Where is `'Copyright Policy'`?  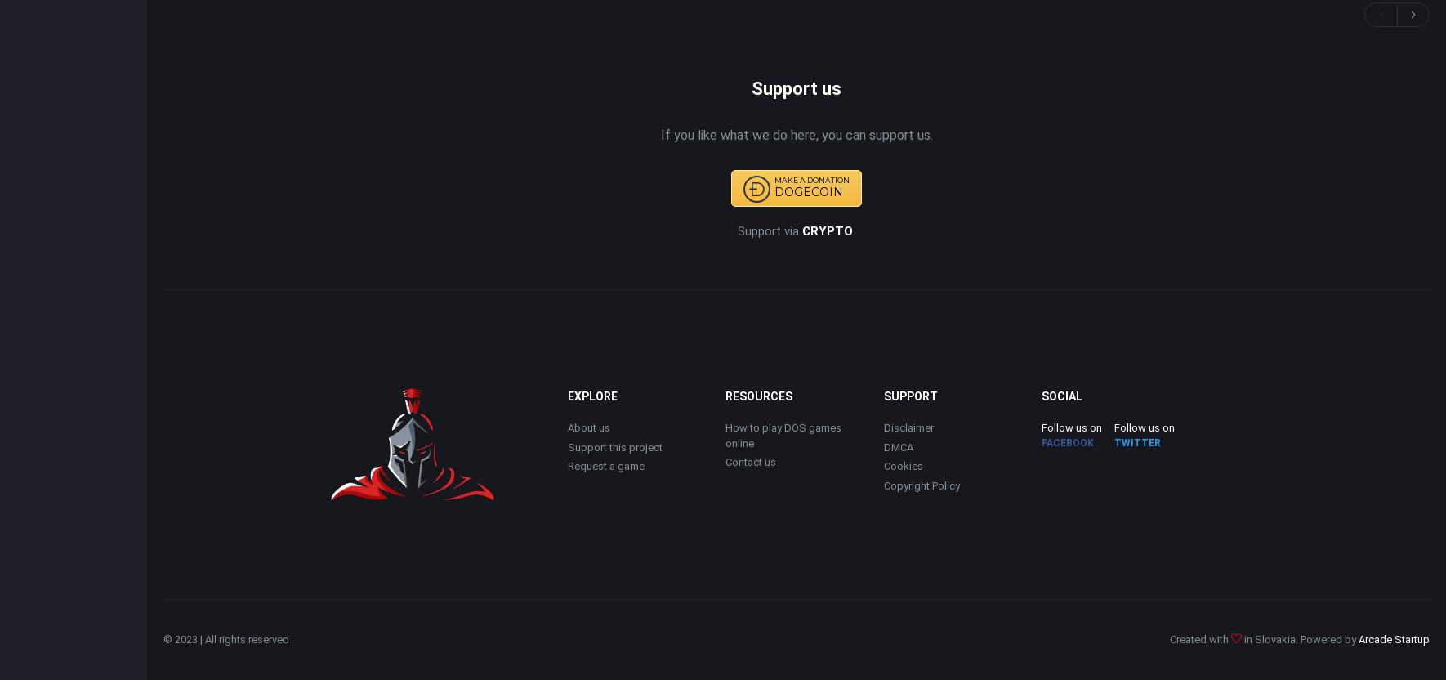
'Copyright Policy' is located at coordinates (921, 484).